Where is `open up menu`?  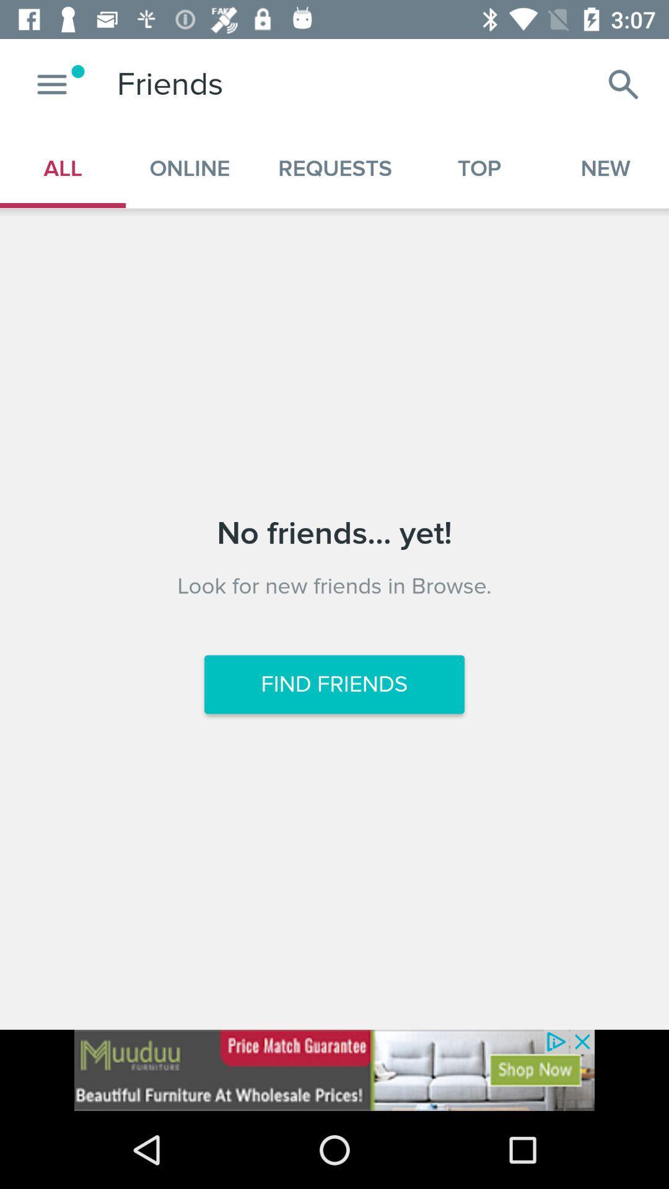
open up menu is located at coordinates (51, 84).